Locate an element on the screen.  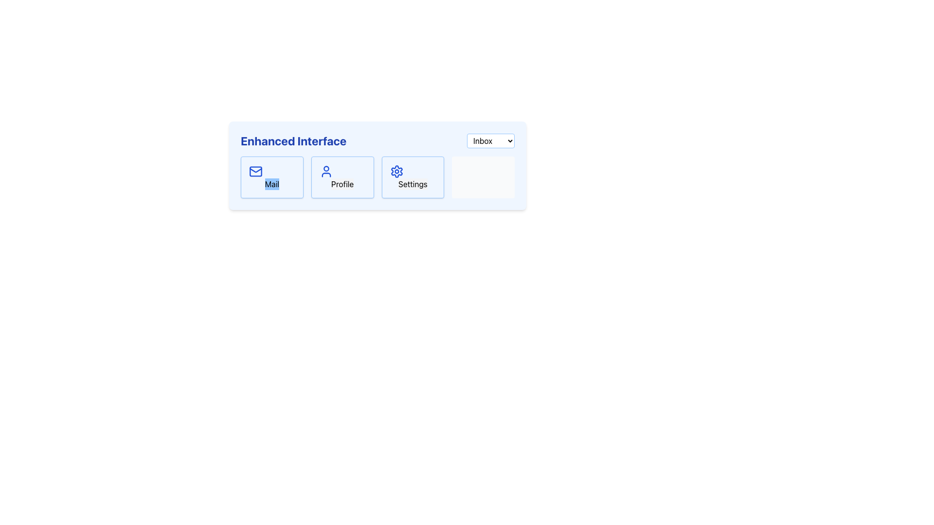
the mail icon, which is the first item in the rectangular button group labeled 'Mail', located to the left of the 'Profile' and 'Settings' buttons is located at coordinates (256, 171).